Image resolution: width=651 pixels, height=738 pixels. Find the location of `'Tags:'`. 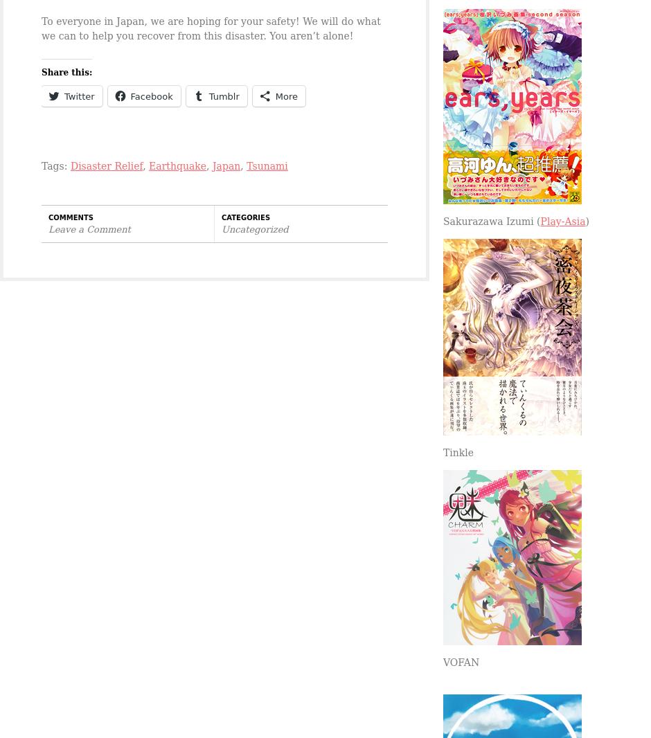

'Tags:' is located at coordinates (40, 165).